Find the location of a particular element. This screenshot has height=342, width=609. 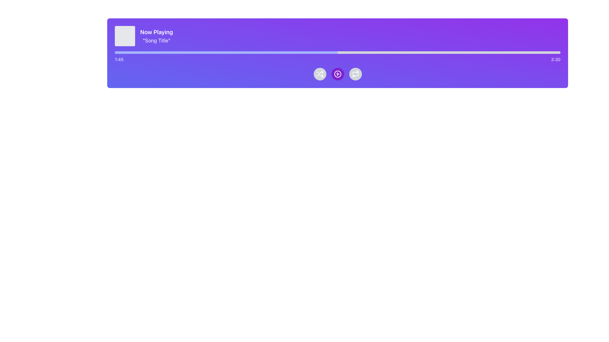

playback progress is located at coordinates (141, 52).